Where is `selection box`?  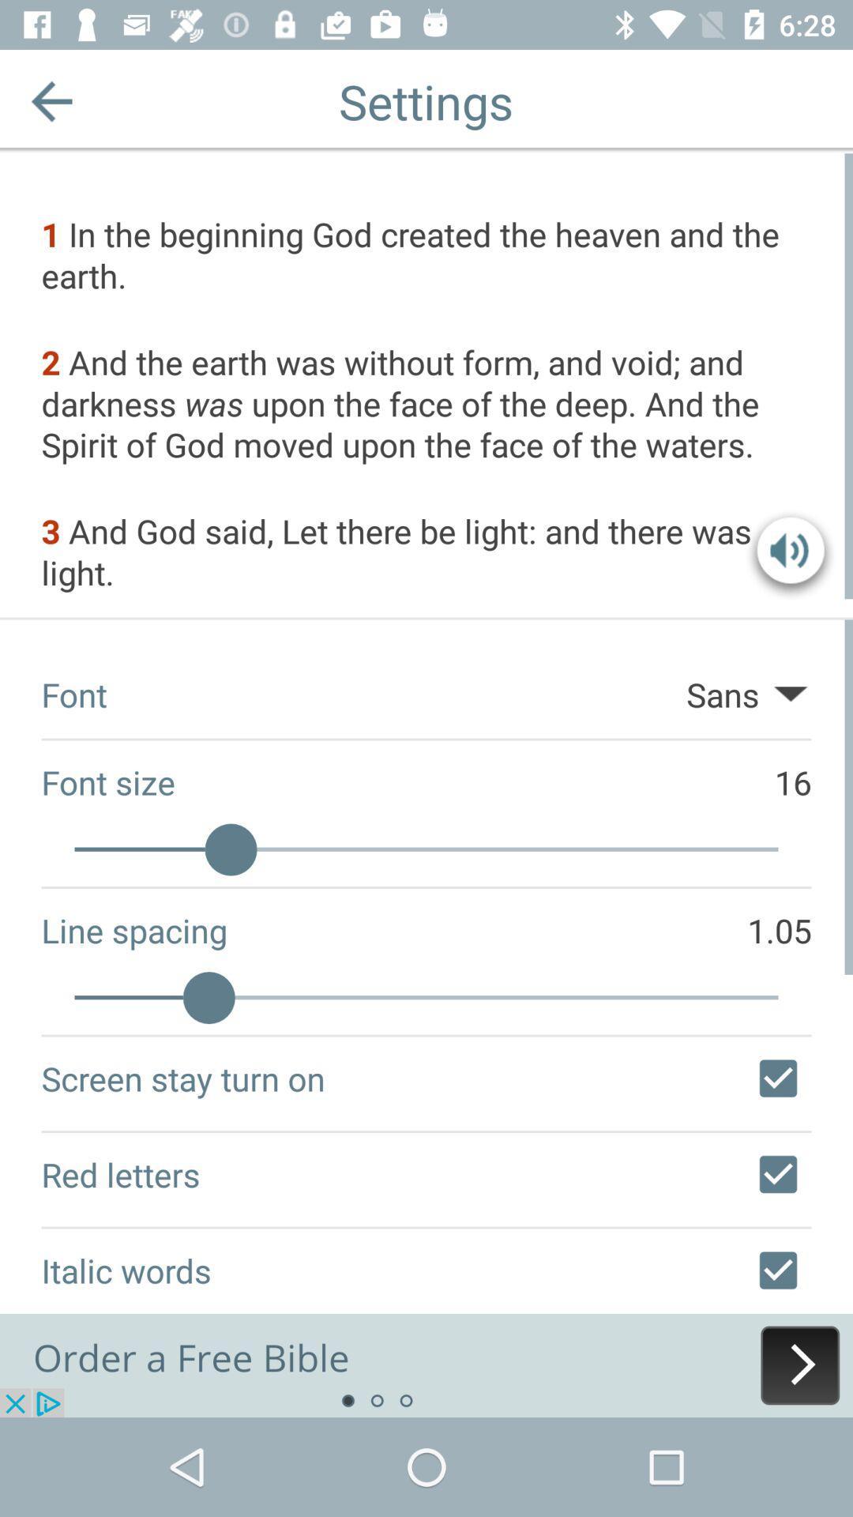
selection box is located at coordinates (777, 1174).